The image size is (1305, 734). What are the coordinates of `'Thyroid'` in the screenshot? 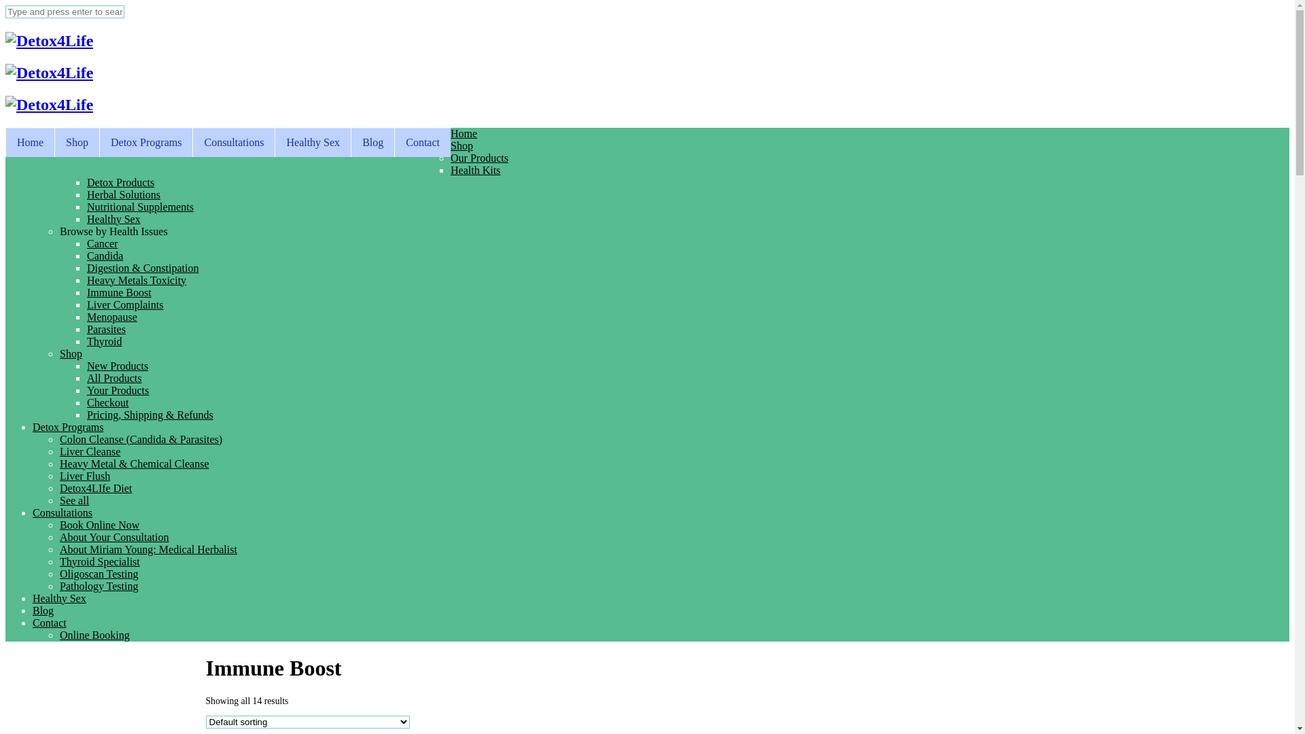 It's located at (86, 340).